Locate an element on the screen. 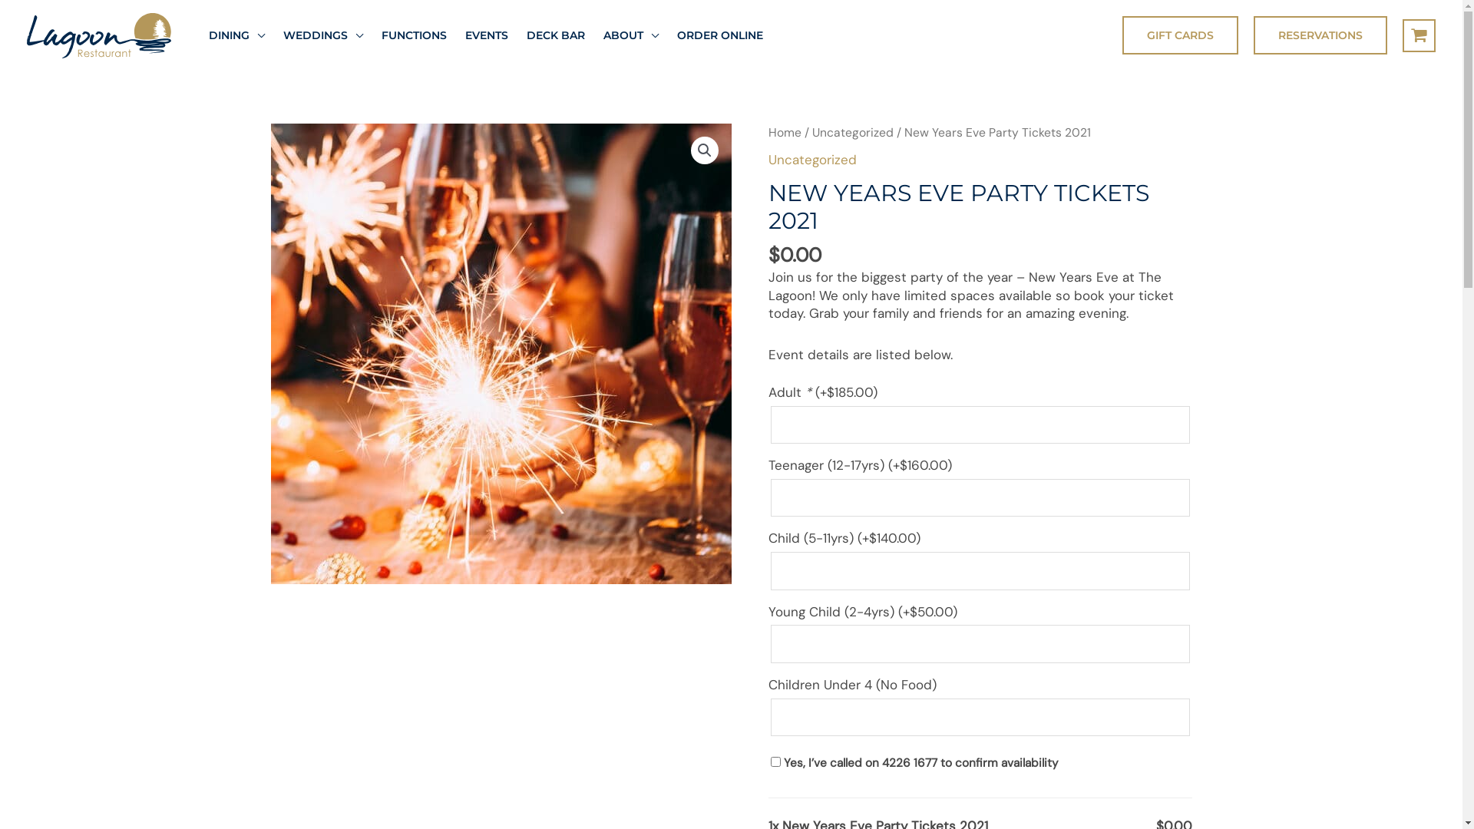 The image size is (1474, 829). 'Uncategorized' is located at coordinates (811, 160).